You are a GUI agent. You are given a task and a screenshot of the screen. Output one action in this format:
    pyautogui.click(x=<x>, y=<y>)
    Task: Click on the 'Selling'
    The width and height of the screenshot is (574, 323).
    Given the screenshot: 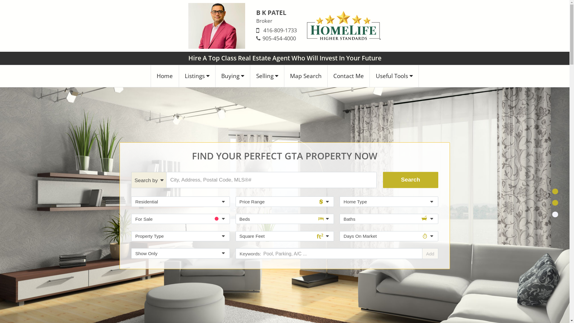 What is the action you would take?
    pyautogui.click(x=267, y=76)
    